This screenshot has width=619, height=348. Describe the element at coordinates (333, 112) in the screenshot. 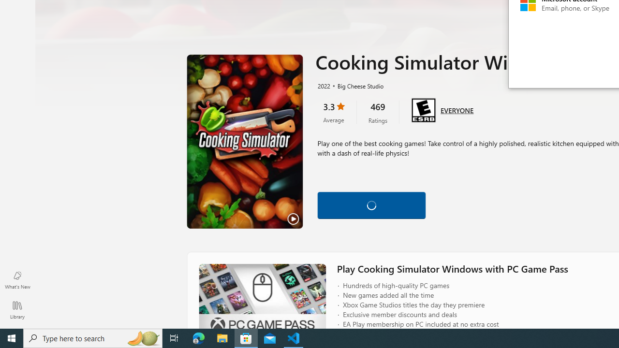

I see `'3.3 stars. Click to skip to ratings and reviews'` at that location.